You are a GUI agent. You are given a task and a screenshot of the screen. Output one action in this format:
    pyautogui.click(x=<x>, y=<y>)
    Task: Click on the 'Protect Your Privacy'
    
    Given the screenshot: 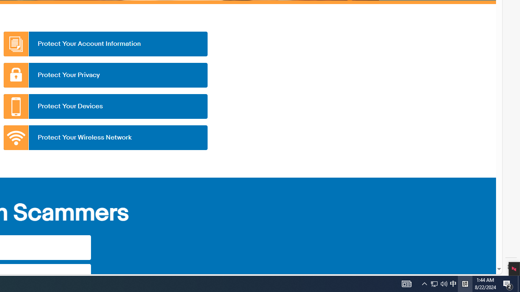 What is the action you would take?
    pyautogui.click(x=105, y=75)
    